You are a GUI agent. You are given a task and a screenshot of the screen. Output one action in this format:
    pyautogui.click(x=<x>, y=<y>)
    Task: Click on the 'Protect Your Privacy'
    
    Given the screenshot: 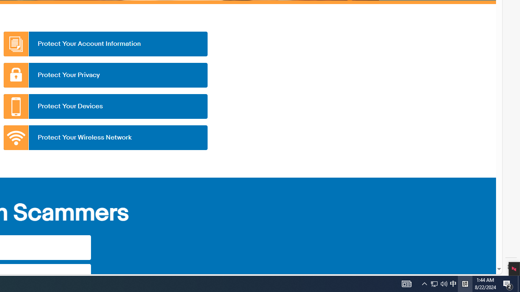 What is the action you would take?
    pyautogui.click(x=105, y=75)
    